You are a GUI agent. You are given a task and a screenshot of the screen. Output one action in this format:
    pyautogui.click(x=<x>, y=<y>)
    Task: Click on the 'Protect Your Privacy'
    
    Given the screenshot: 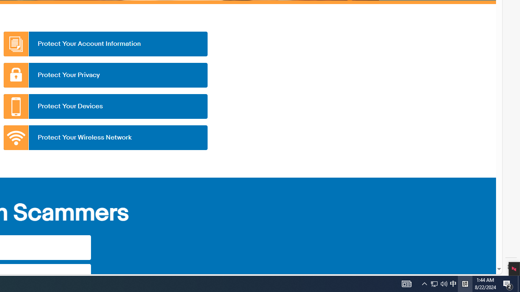 What is the action you would take?
    pyautogui.click(x=105, y=75)
    